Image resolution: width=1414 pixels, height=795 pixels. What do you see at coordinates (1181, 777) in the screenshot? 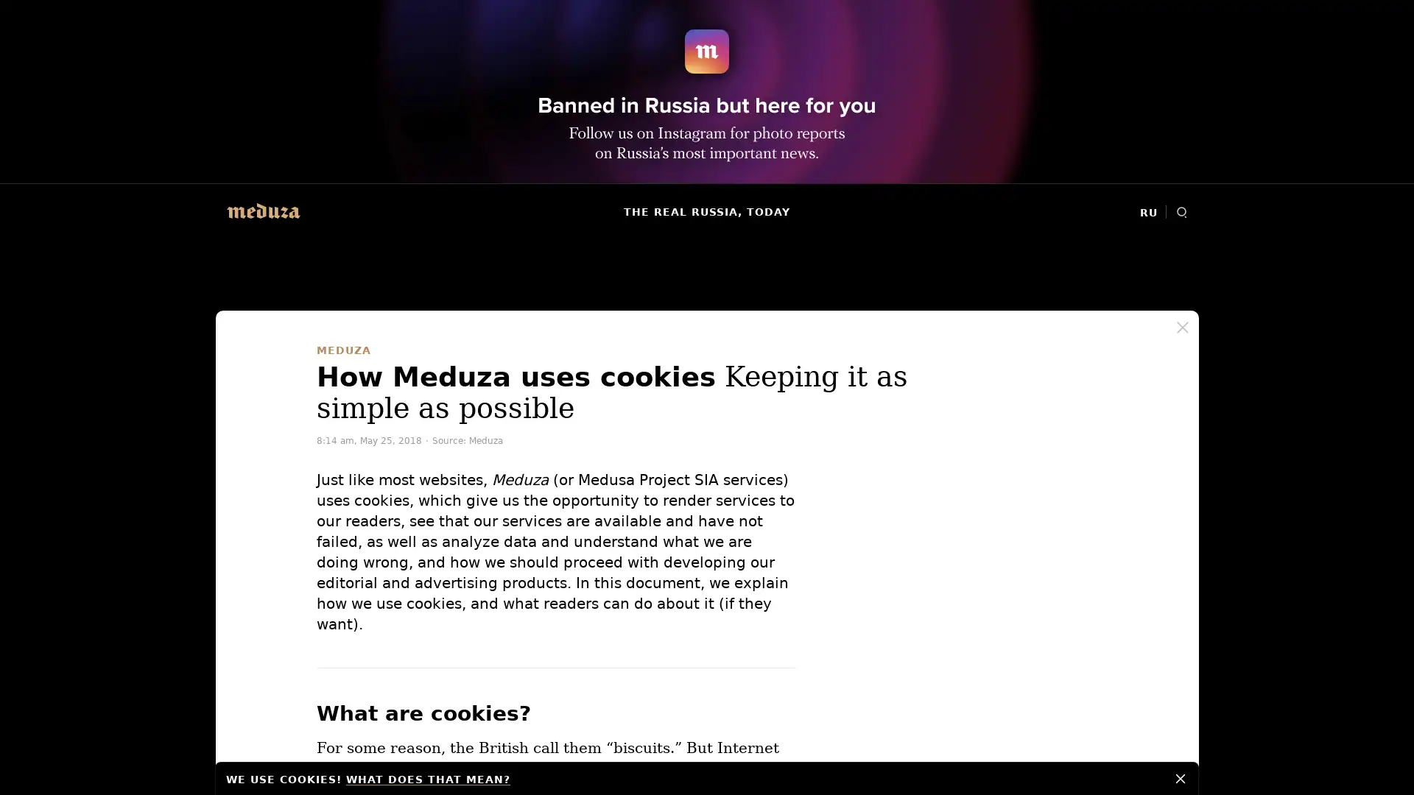
I see `Close notification` at bounding box center [1181, 777].